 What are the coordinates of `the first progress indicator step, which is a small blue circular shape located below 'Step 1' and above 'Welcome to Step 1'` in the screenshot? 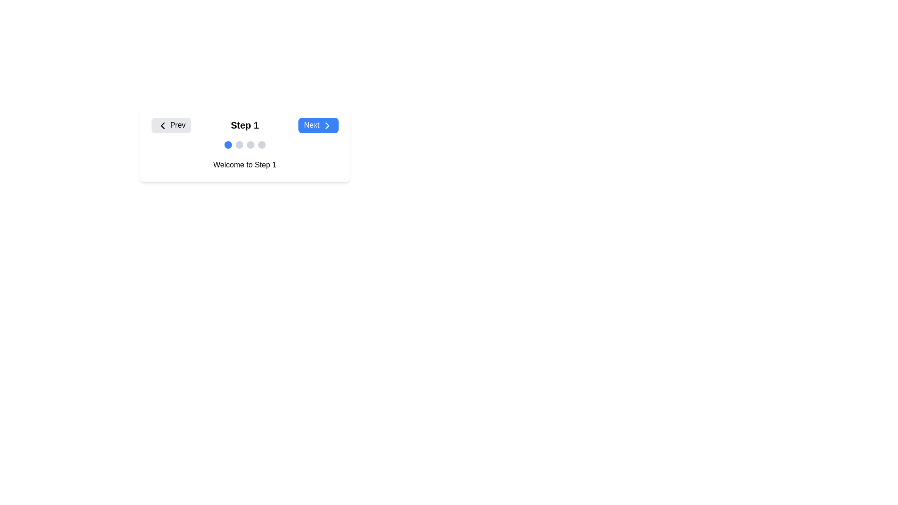 It's located at (228, 144).